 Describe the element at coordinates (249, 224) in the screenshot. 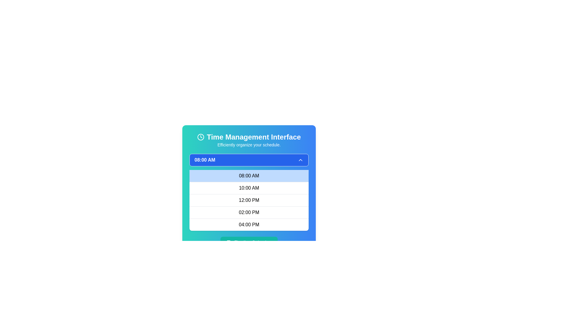

I see `the selectable time option '04:00 PM' in the Time Management Interface` at that location.